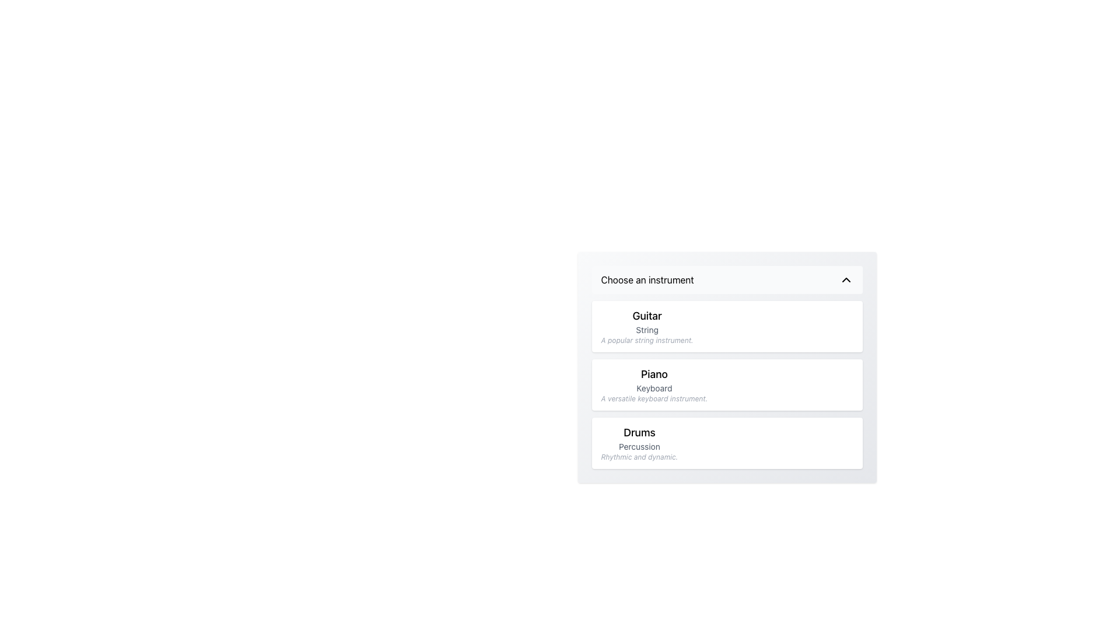  What do you see at coordinates (646, 316) in the screenshot?
I see `the title text of the guitar option in the instrument selection menu, which is positioned above the texts 'String' and 'A popular string instrument.'` at bounding box center [646, 316].